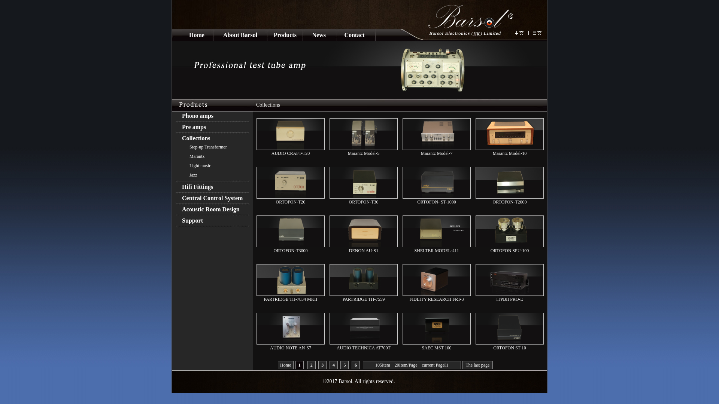 Image resolution: width=719 pixels, height=404 pixels. What do you see at coordinates (212, 198) in the screenshot?
I see `'Central Control System'` at bounding box center [212, 198].